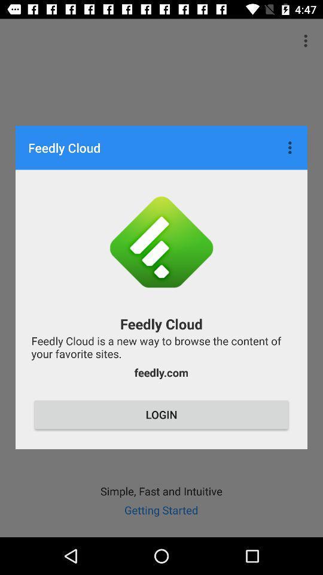  What do you see at coordinates (291, 147) in the screenshot?
I see `icon at the top right corner` at bounding box center [291, 147].